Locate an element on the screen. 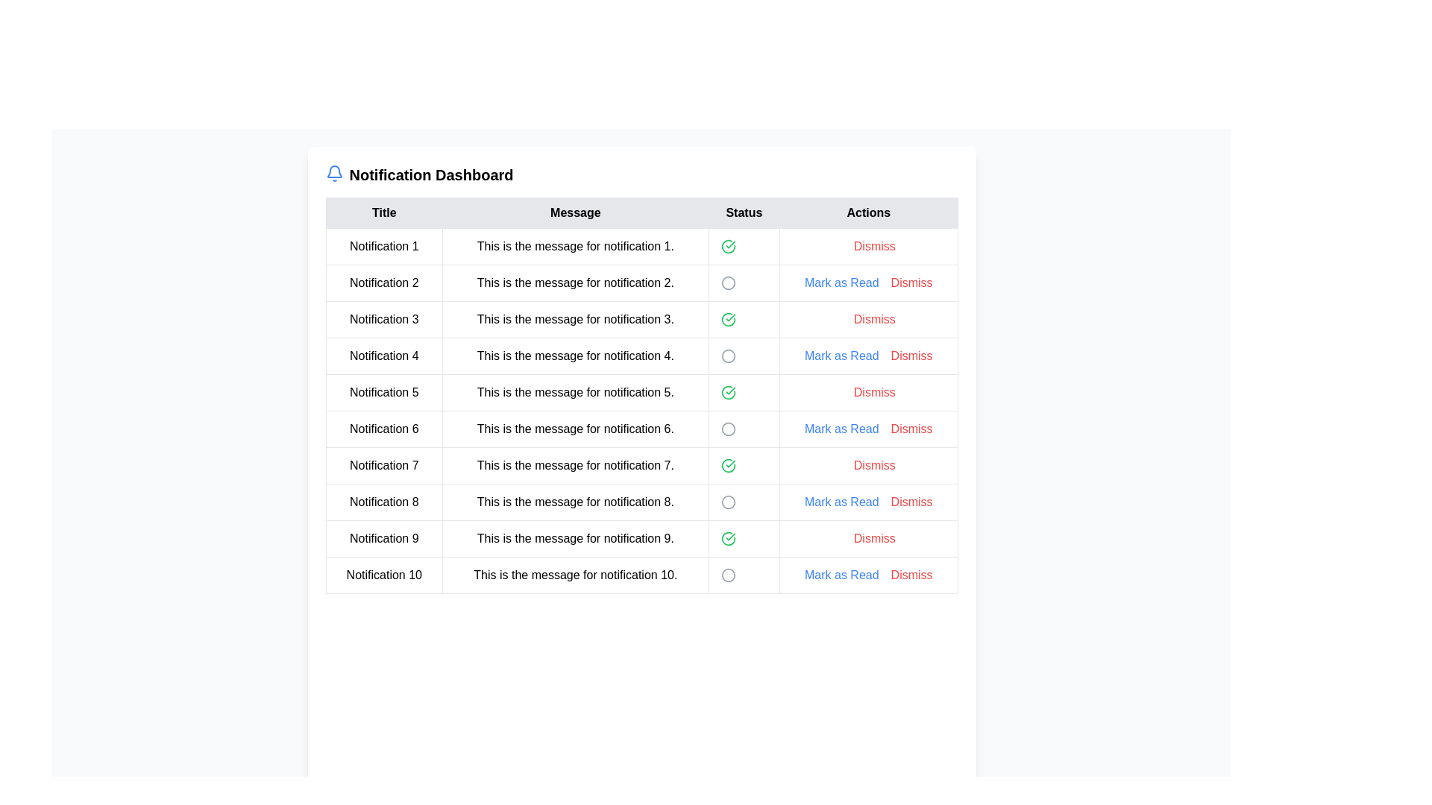  the red 'Dismiss' button in the Actions column for Notification 7 is located at coordinates (868, 464).